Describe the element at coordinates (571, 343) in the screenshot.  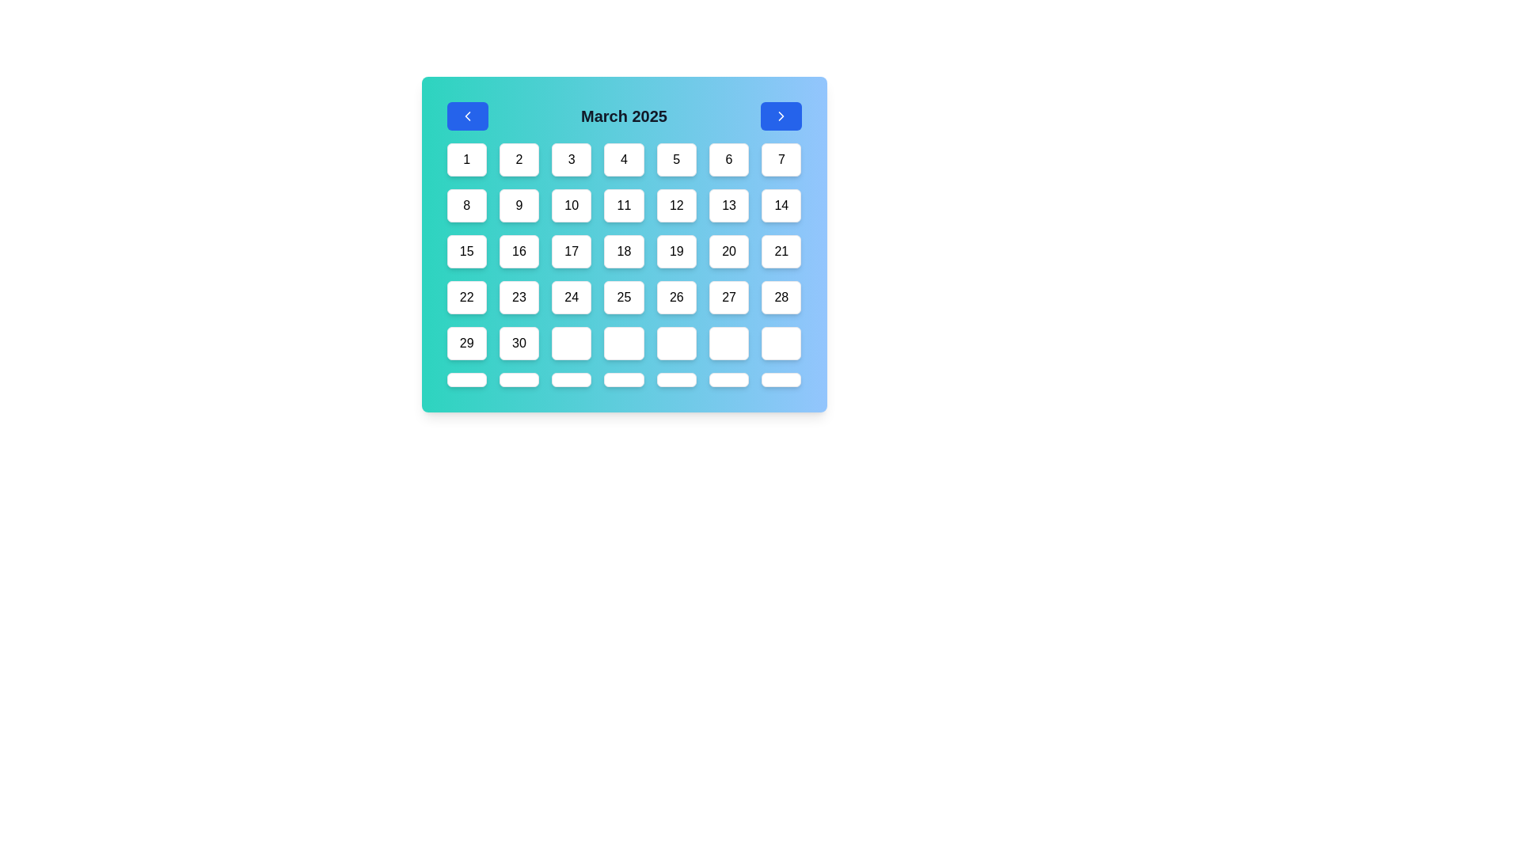
I see `the empty calendar cell located at row 5, column 3, which is part of a grid layout and serves as an interactive placeholder for future input` at that location.